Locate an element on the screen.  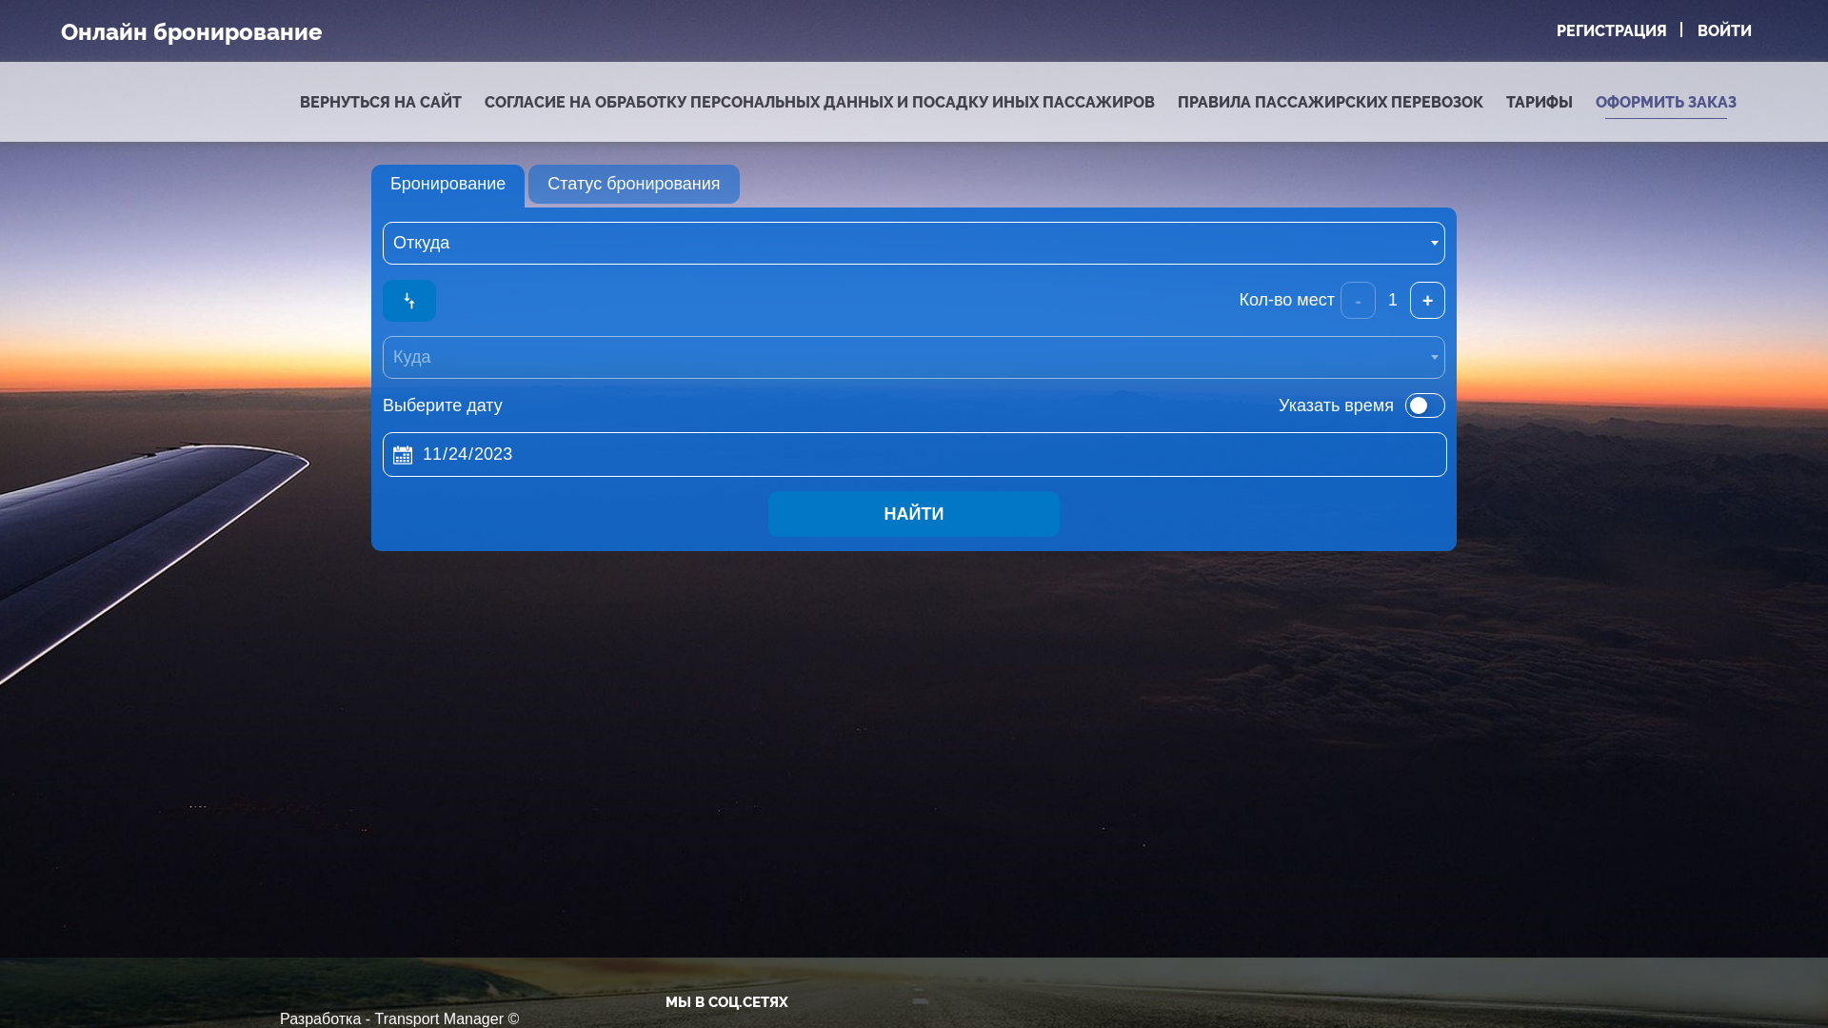
'Transport Manager' is located at coordinates (438, 1018).